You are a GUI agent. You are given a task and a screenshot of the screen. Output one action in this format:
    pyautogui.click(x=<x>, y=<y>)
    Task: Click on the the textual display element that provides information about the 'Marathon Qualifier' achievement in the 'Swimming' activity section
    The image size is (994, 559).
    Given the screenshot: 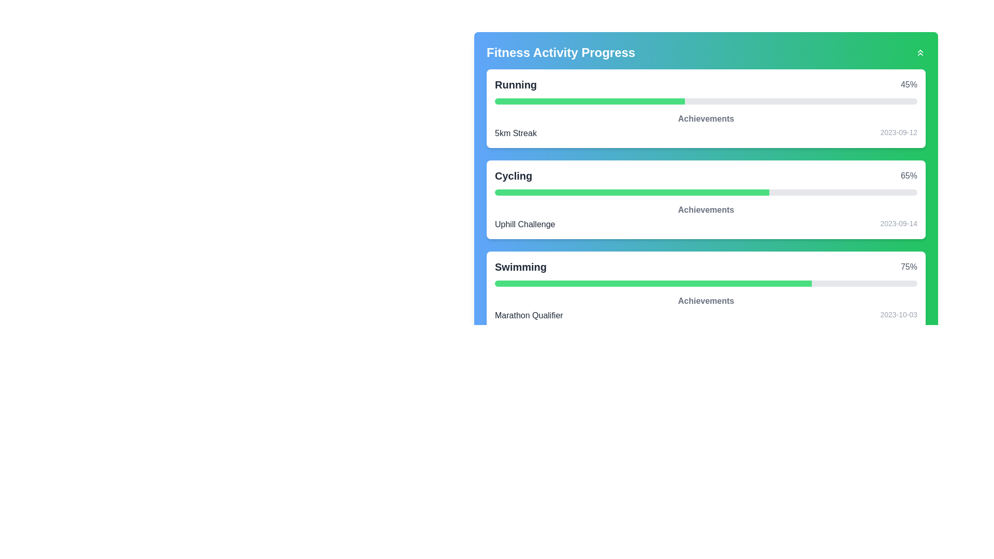 What is the action you would take?
    pyautogui.click(x=705, y=315)
    